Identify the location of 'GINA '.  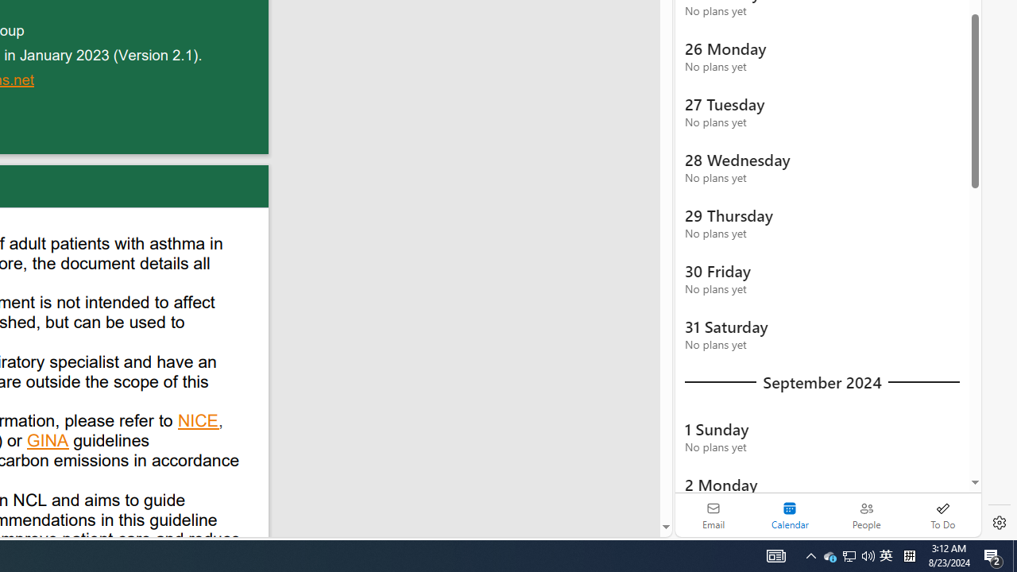
(48, 443).